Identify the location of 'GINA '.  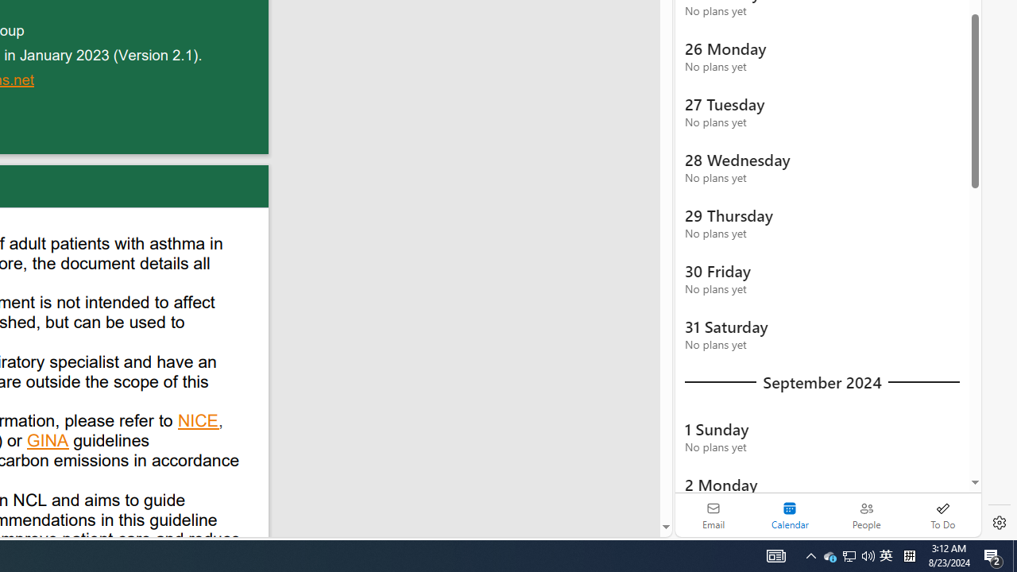
(48, 443).